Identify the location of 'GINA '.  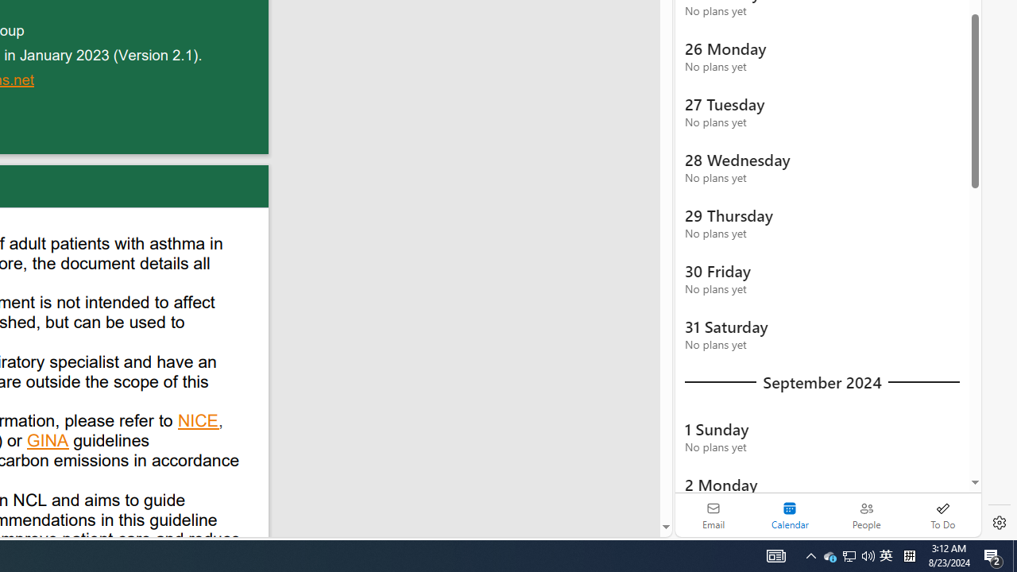
(48, 443).